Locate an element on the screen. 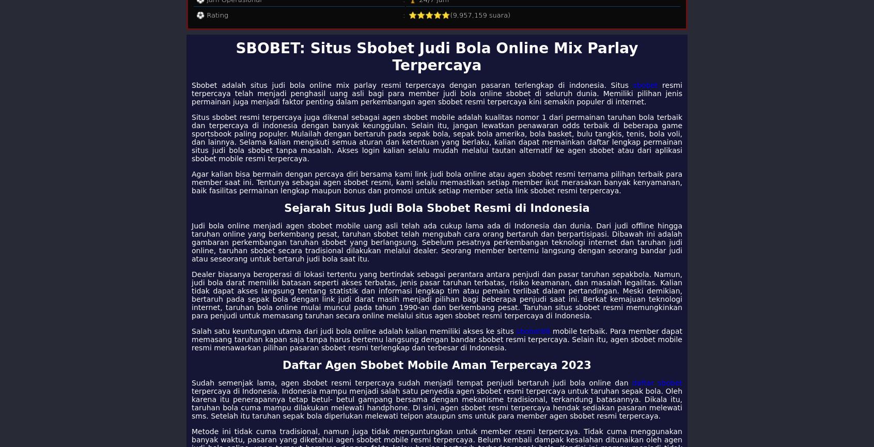 Image resolution: width=874 pixels, height=447 pixels. 'Dealer biasanya beroperasi di lokasi tertentu yang bertindak sebagai perantara antara penjudi dan pasar taruhan sepakbola. Namun, judi bola darat memiliki batasan seperti akses terbatas, jenis pasar taruhan terbatas, risiko keamanan, dan masalah legalitas. Kalian tidak dapat akses langsung tentang statistik dan informasi lengkap tim atau pemain terlibat dalam pertandingan. Meski demikian, bertaruh pada sepak bola dengan link judi darat masih menjadi pilihan bagi beberapa penjudi saat ini. Berkat kemajuan teknologi internet, taruhan bola online mulai muncul pada tahun 1990-an dan berkembang pesat. Taruhan situs sbobet resmi memungkinkan para penjudi untuk memasang taruhan secara online melalui situs agen sbobet resmi terpercaya di Indonesia.' is located at coordinates (437, 294).